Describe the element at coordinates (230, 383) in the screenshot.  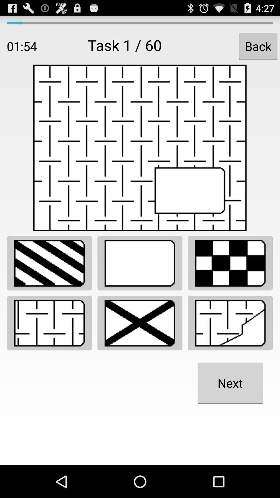
I see `the button at the bottom right corner` at that location.